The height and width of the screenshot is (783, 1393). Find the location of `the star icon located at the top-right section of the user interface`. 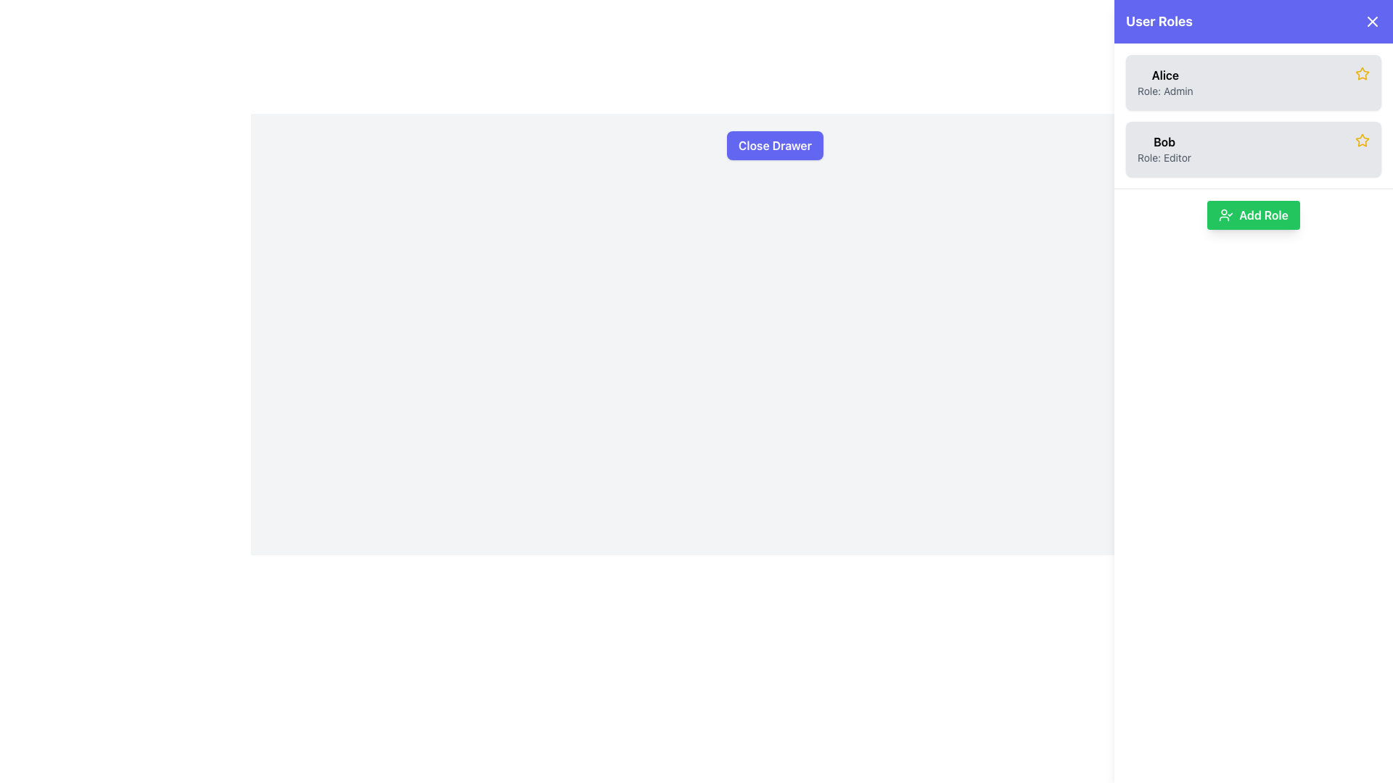

the star icon located at the top-right section of the user interface is located at coordinates (1361, 73).